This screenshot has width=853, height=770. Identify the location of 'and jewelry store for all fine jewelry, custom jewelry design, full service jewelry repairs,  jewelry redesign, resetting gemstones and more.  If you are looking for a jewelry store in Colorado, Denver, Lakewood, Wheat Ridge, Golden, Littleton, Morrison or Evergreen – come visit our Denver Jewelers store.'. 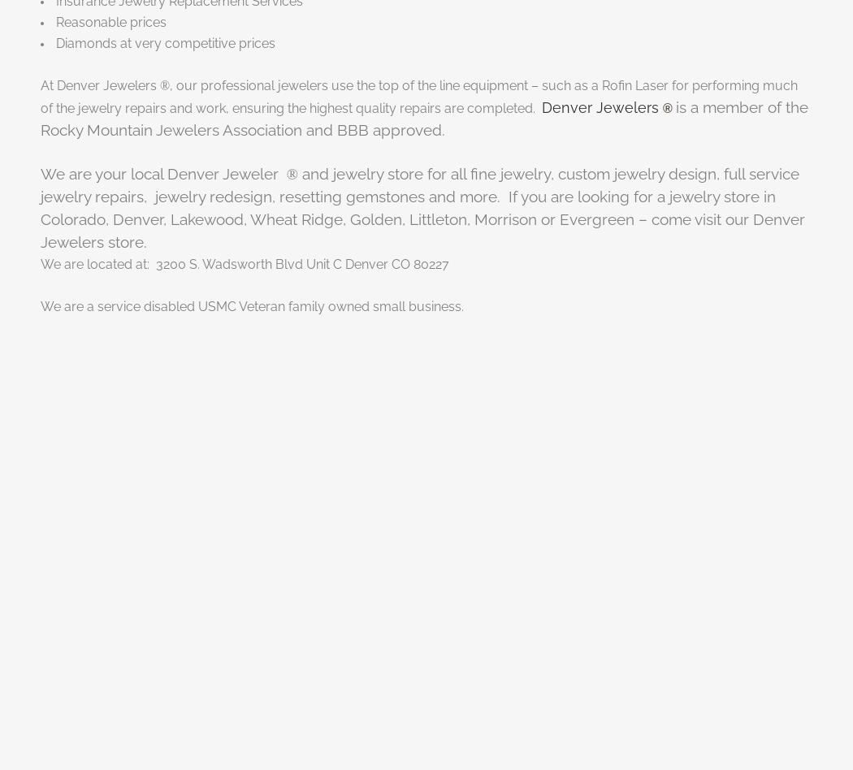
(422, 207).